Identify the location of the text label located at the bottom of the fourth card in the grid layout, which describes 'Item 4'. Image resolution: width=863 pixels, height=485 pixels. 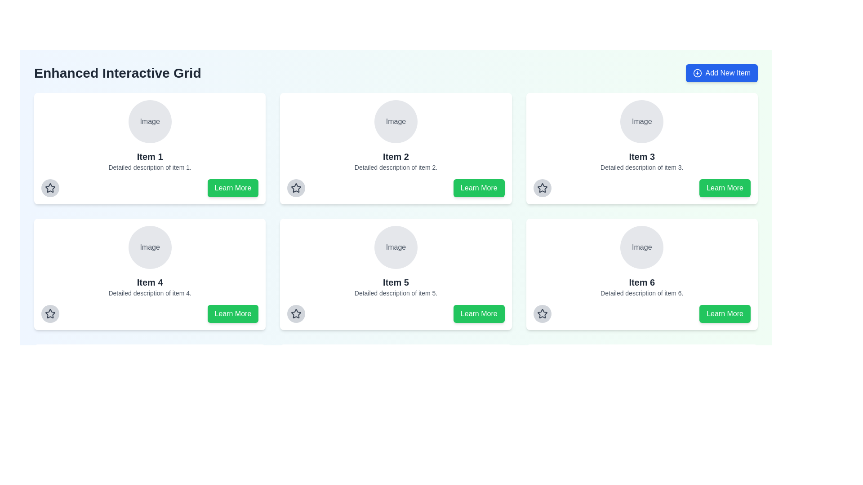
(150, 293).